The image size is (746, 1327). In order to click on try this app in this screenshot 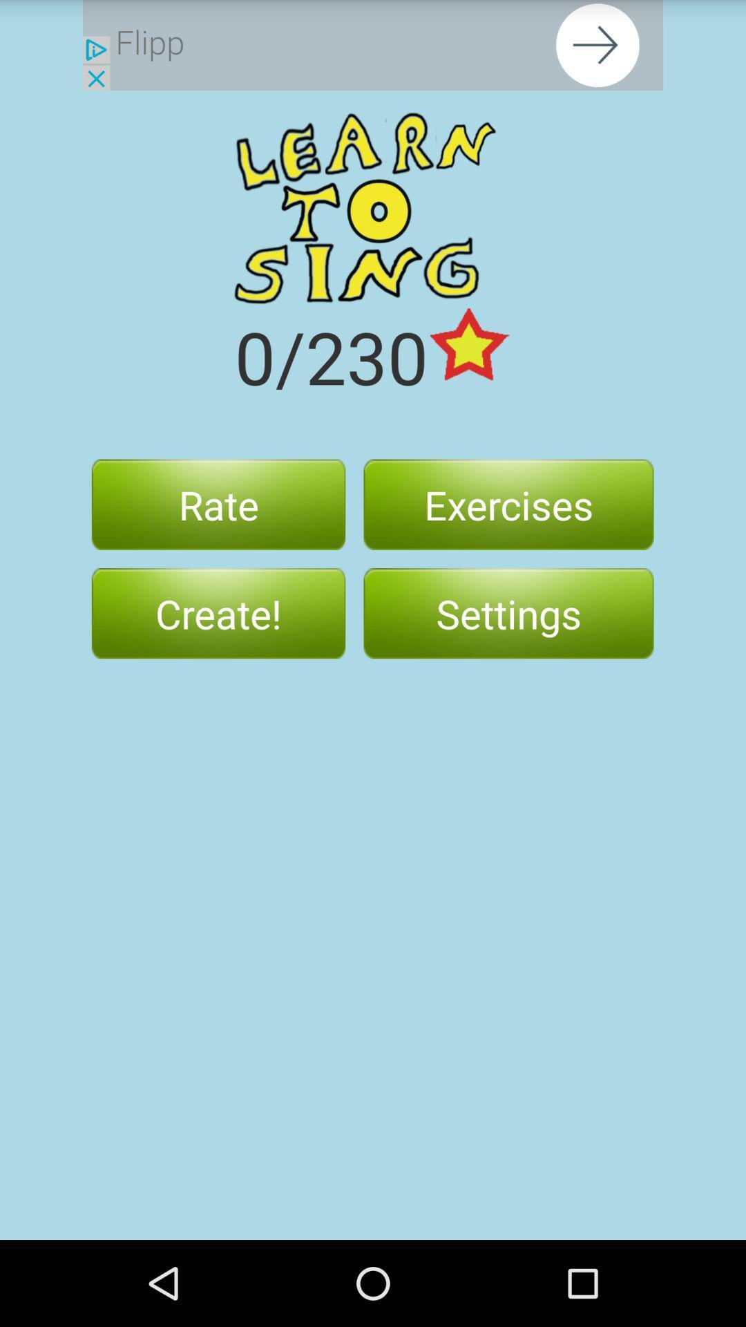, I will do `click(373, 45)`.